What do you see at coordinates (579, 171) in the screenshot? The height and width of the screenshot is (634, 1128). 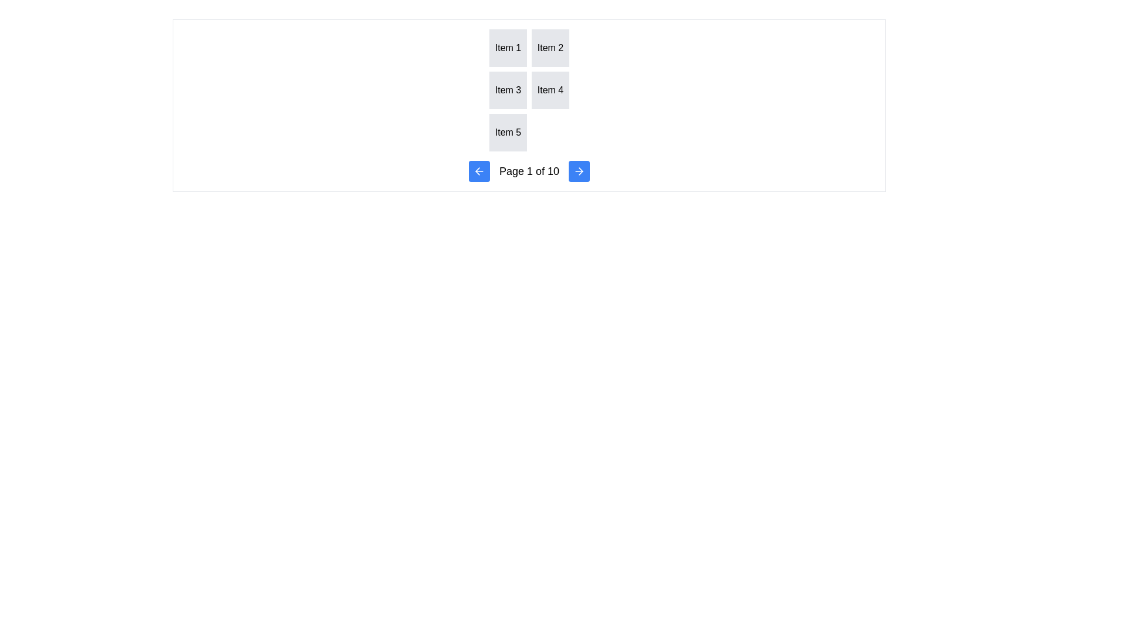 I see `the forward navigation button located to the right of the button group under the paginated grid of items` at bounding box center [579, 171].